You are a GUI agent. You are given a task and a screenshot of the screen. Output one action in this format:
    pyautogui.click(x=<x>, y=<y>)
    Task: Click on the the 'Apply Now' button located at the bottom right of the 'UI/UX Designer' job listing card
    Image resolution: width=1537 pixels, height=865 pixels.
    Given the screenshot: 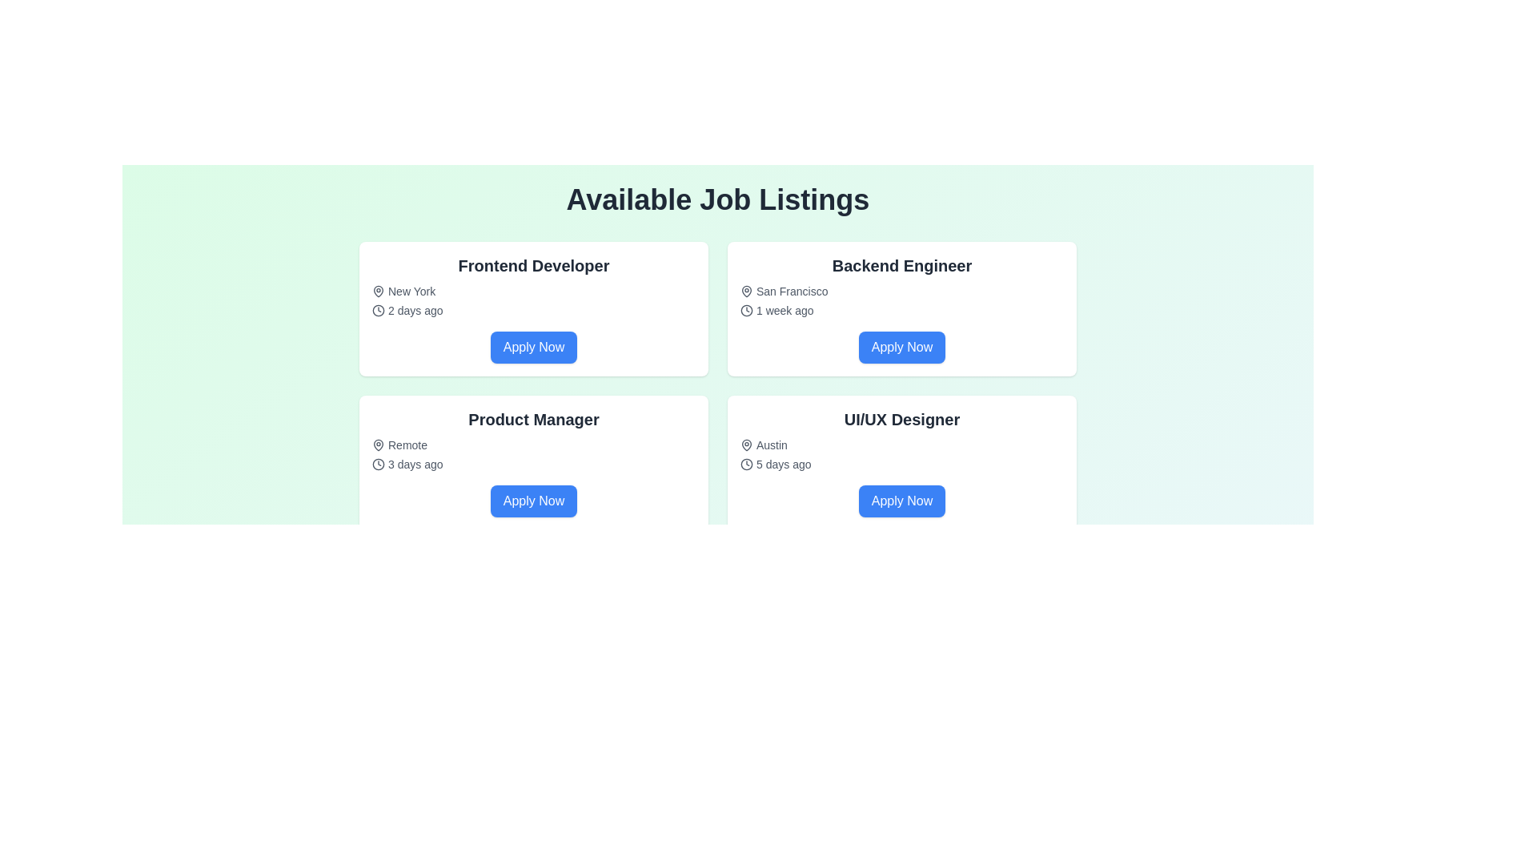 What is the action you would take?
    pyautogui.click(x=902, y=500)
    